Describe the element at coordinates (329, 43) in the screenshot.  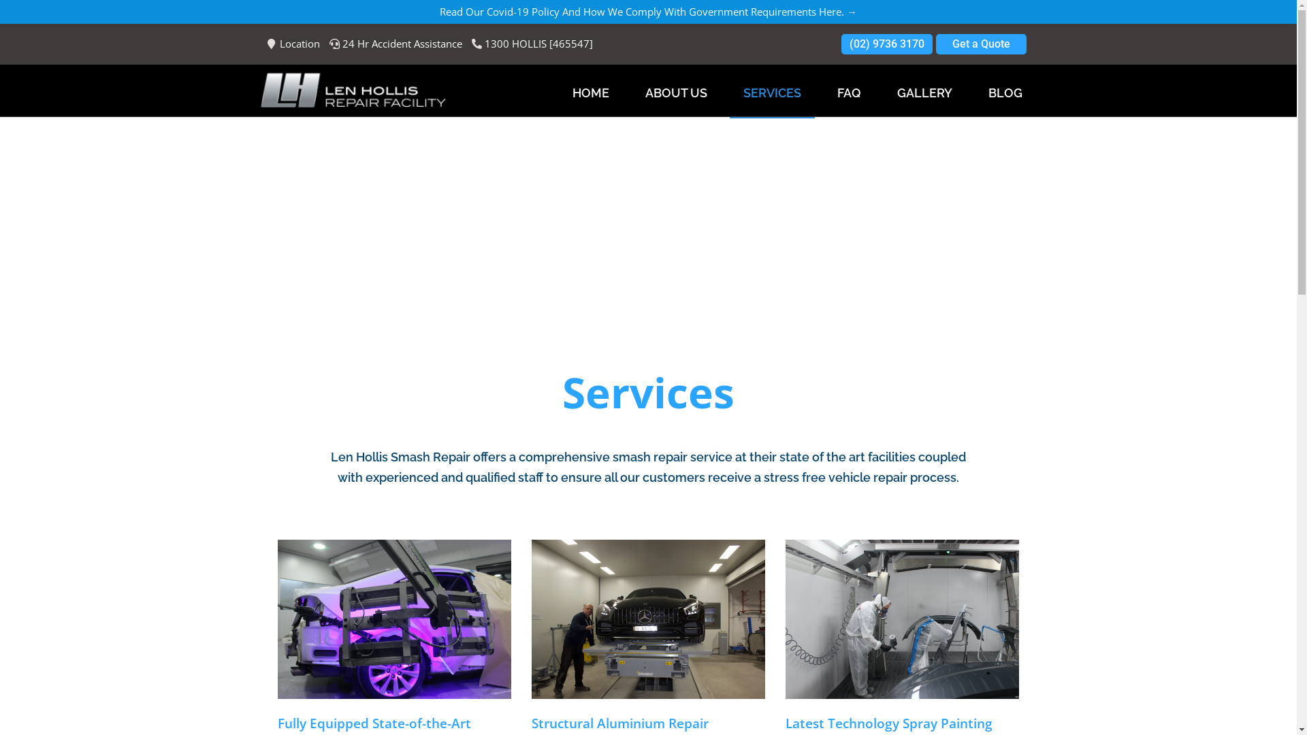
I see `'24 Hr Accident Assistance'` at that location.